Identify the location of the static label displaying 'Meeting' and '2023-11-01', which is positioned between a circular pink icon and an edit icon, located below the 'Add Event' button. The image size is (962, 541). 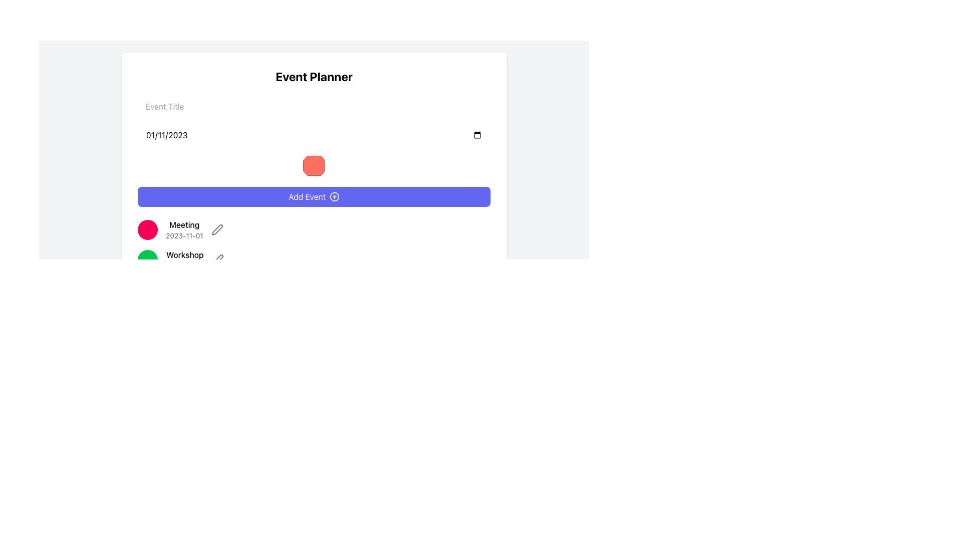
(184, 230).